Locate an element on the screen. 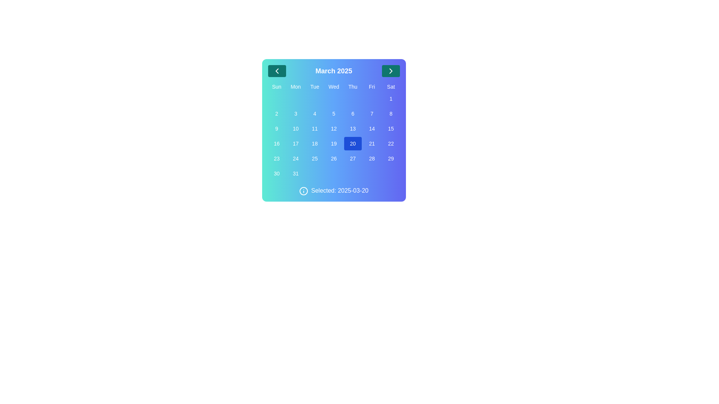 The width and height of the screenshot is (719, 404). the button representing the 13th day in the calendar view is located at coordinates (352, 128).